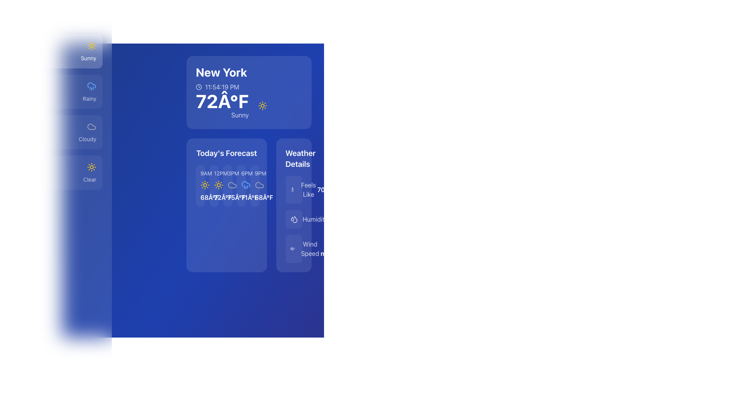 The image size is (746, 420). Describe the element at coordinates (227, 186) in the screenshot. I see `the weather forecast informational text block displaying '3PM' with a cloud icon and '75°F' at the bottom, which is centrally located in the 'Today's Forecast' section` at that location.